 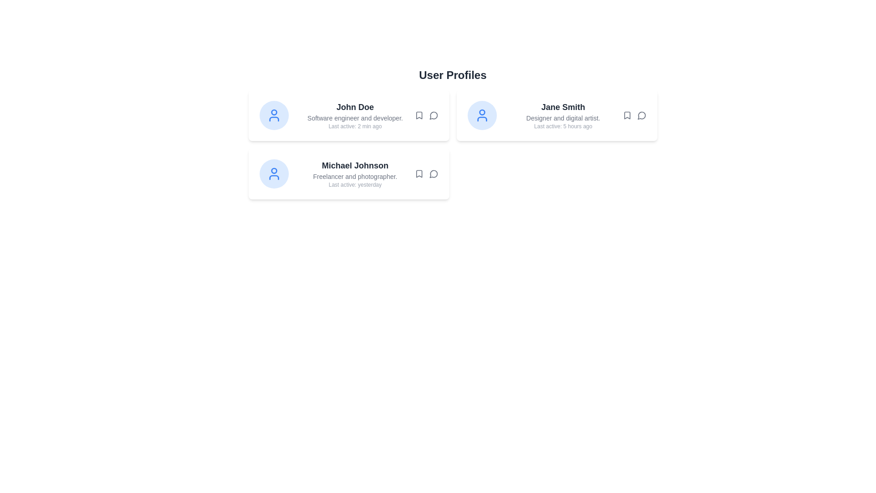 I want to click on the blue user icon representing 'John Doe' within the profile card, which has a circular head and body frame on a light blue background, so click(x=273, y=115).